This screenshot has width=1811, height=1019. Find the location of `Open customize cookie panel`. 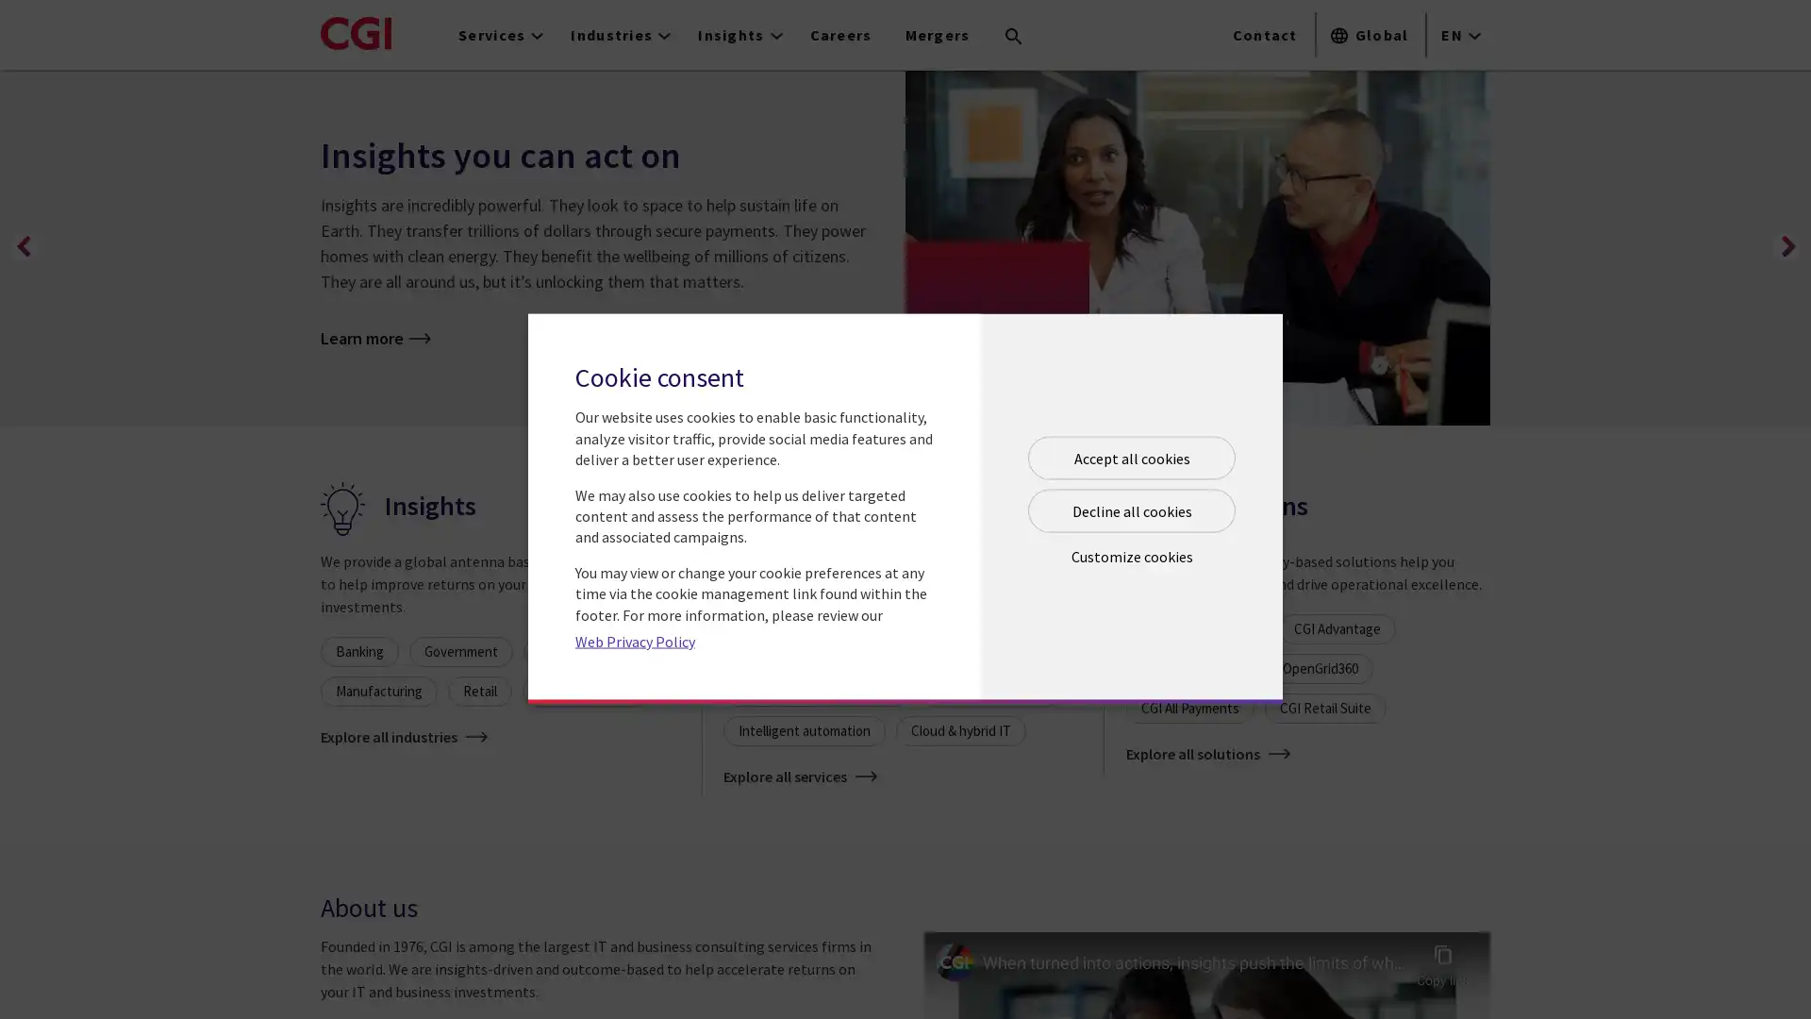

Open customize cookie panel is located at coordinates (1132, 558).